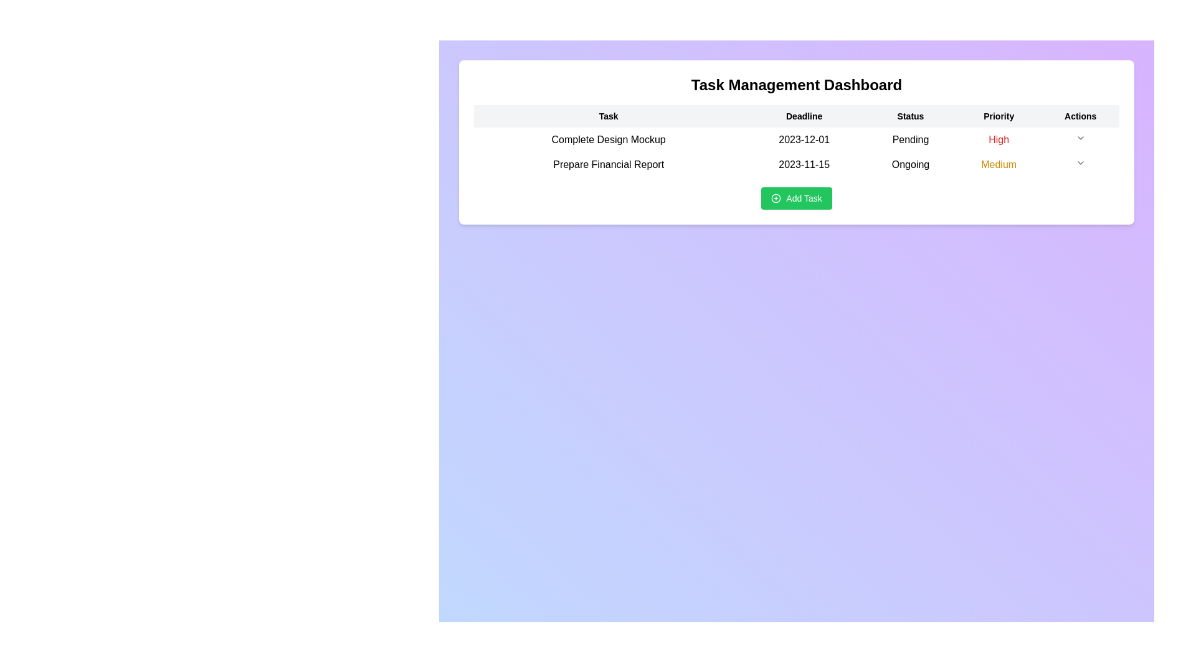 This screenshot has height=672, width=1196. I want to click on the 'Add Task' button located near the bottom of the Task Management Dashboard to observe the hover effect, so click(795, 198).